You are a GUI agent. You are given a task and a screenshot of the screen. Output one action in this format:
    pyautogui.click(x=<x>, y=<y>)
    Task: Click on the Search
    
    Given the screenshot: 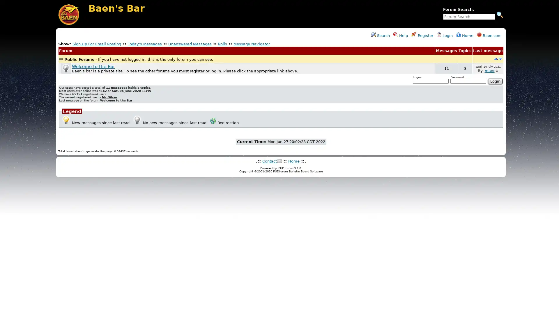 What is the action you would take?
    pyautogui.click(x=500, y=14)
    